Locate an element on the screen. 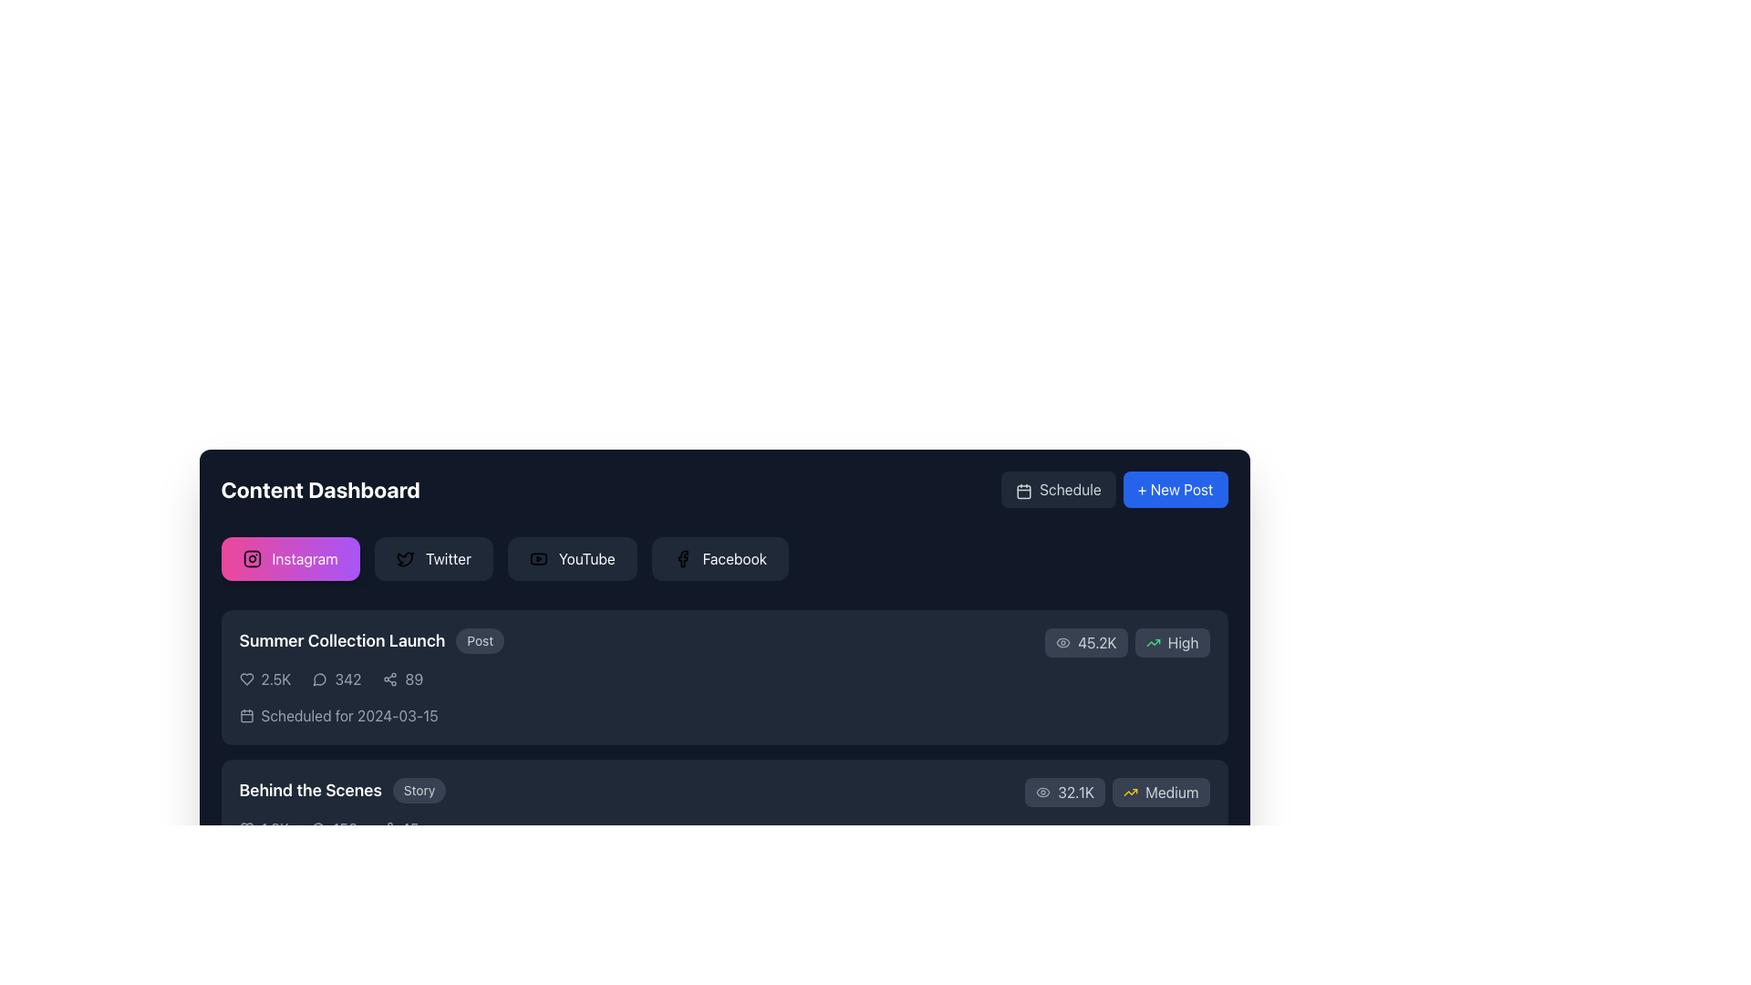 The width and height of the screenshot is (1751, 985). the button with a blue background and white text that reads '+ New Post' is located at coordinates (1176, 488).